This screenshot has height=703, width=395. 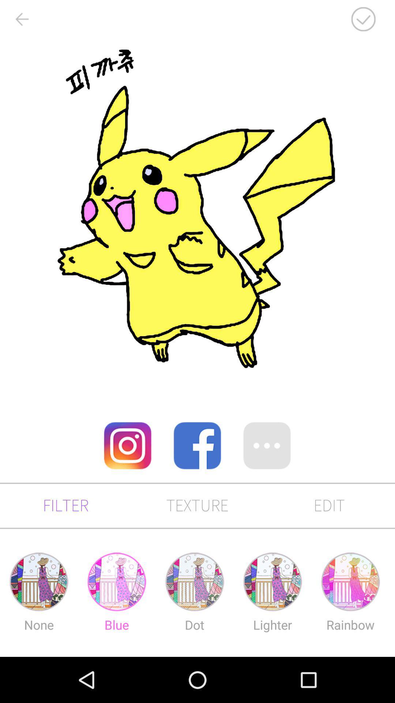 I want to click on other social media apps, so click(x=267, y=445).